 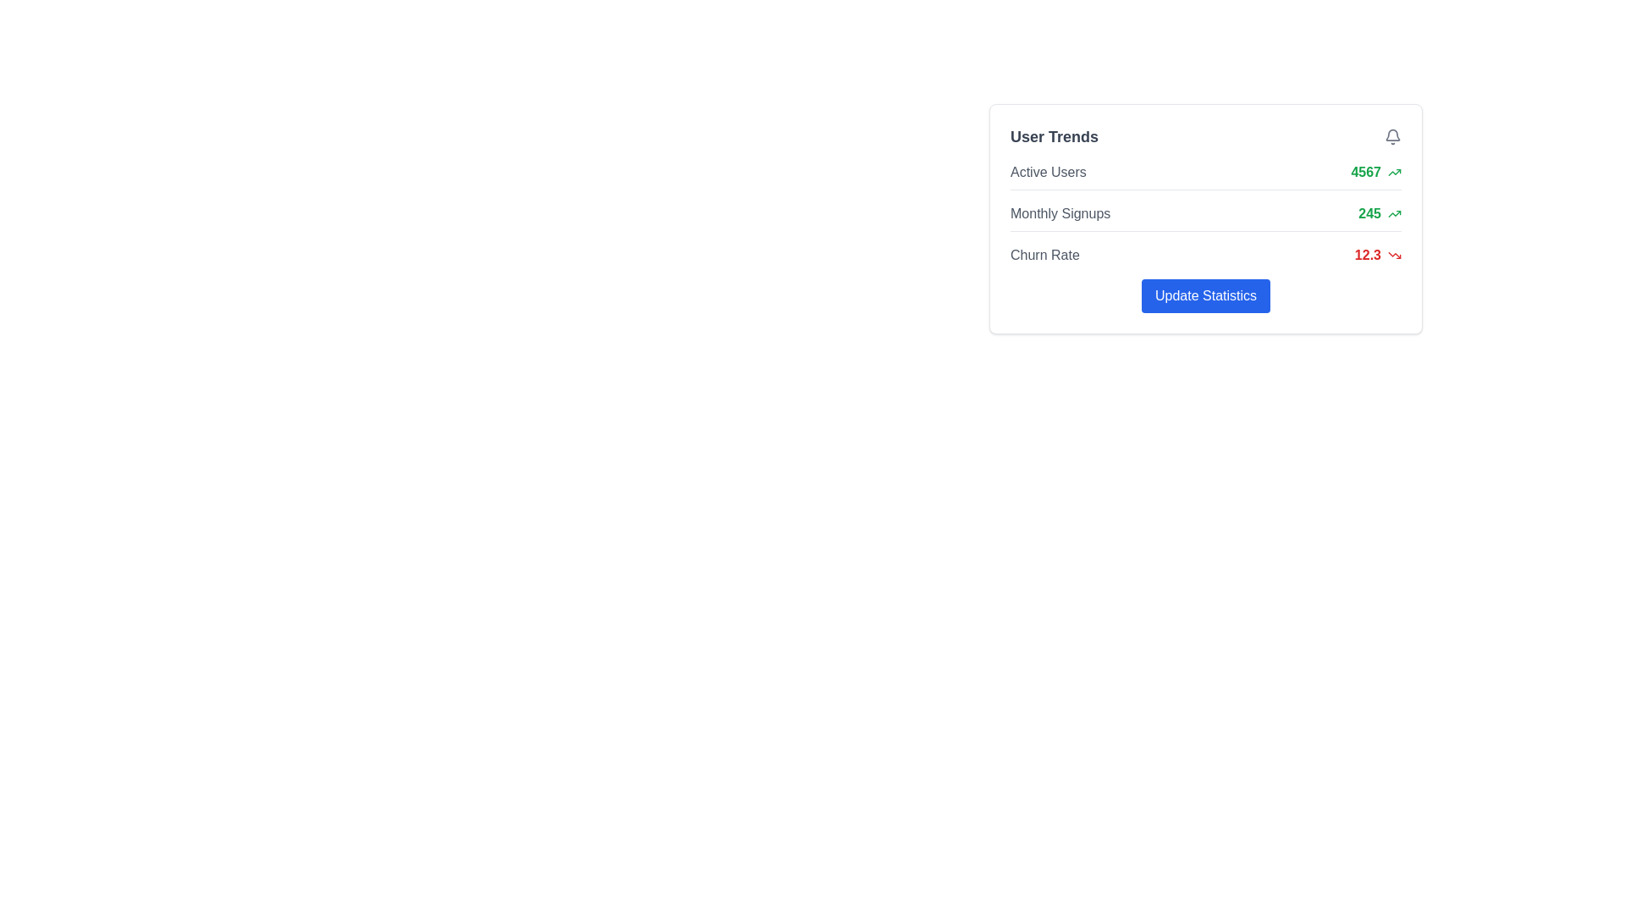 What do you see at coordinates (1394, 255) in the screenshot?
I see `the icon that signifies a negative trend associated with the churn rate of 12.3, located immediately to the right of the 'Churn Rate' label within the 'User Trends' card` at bounding box center [1394, 255].